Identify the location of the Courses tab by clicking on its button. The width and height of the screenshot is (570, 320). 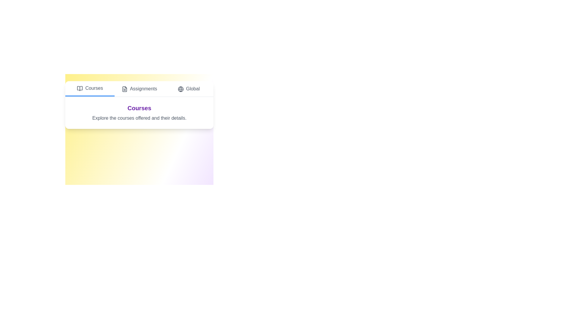
(89, 89).